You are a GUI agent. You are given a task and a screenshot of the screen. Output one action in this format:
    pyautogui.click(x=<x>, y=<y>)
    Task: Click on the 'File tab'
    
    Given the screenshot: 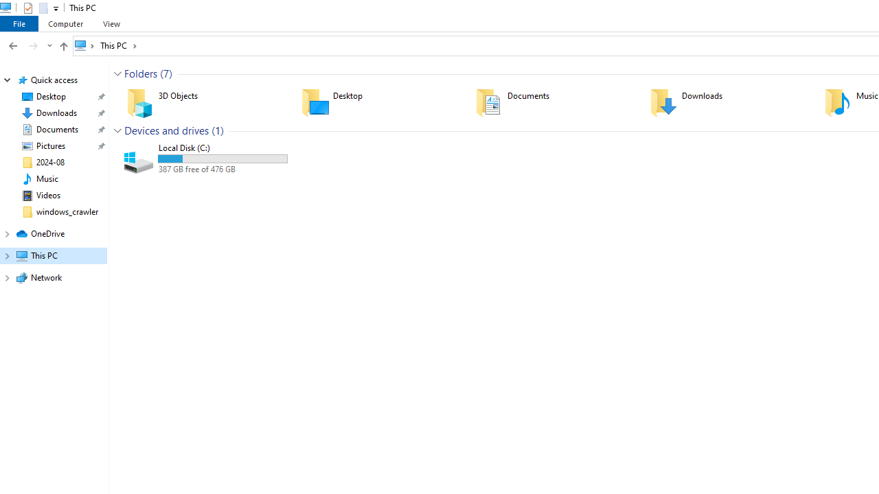 What is the action you would take?
    pyautogui.click(x=19, y=23)
    